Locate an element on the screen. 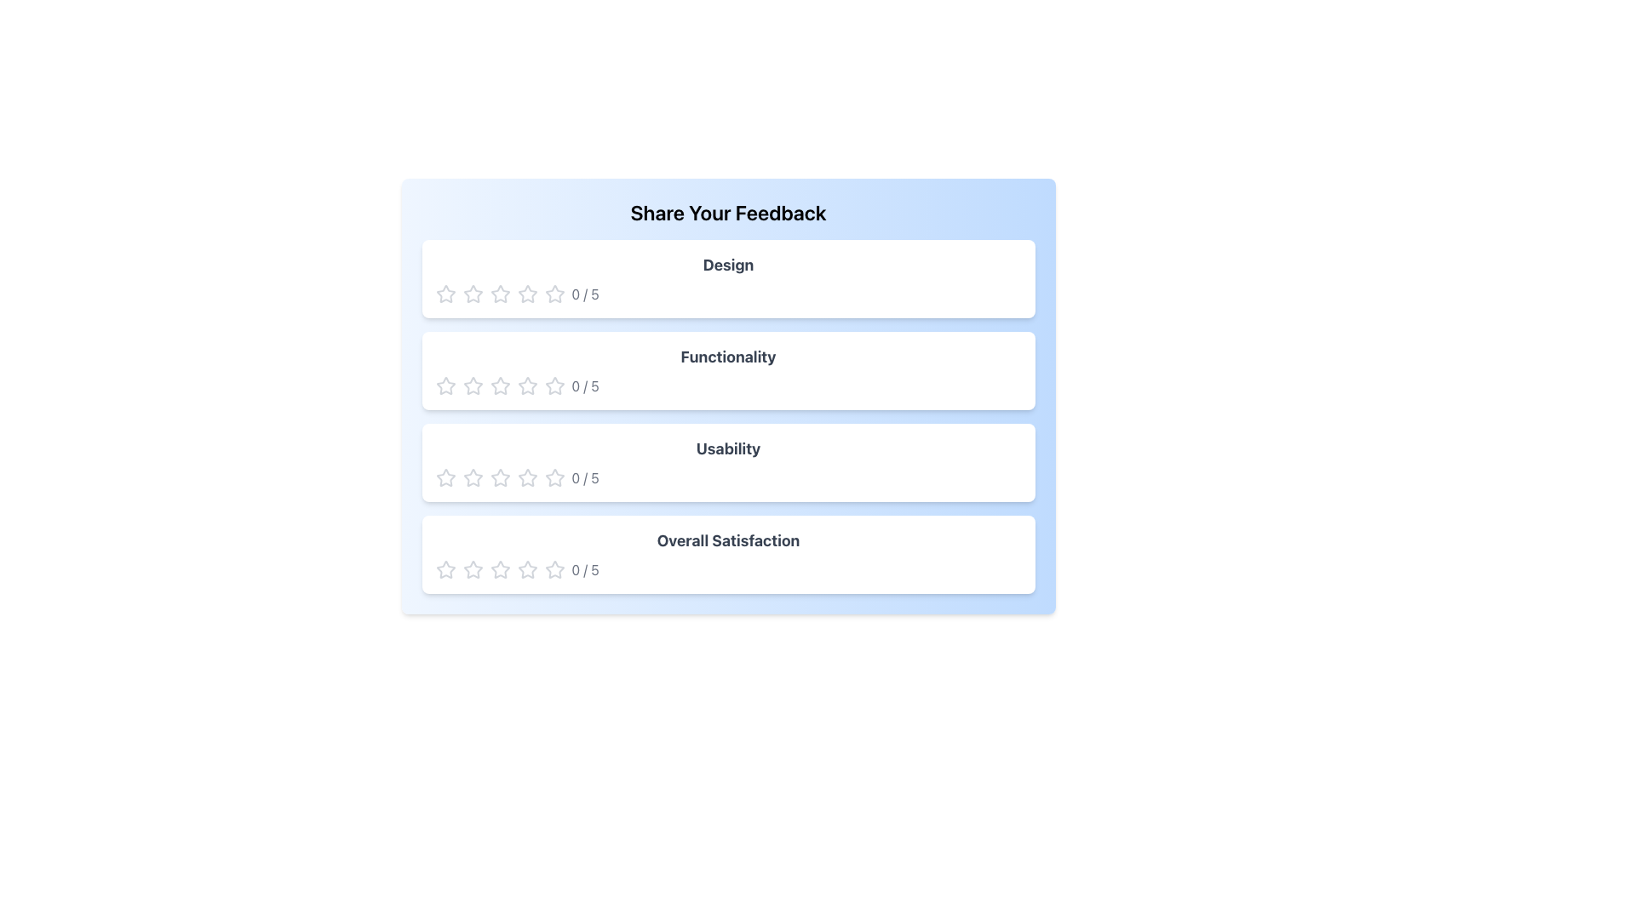 Image resolution: width=1635 pixels, height=919 pixels. the third star in the horizontal row of five stars under the 'Functionality' rating section to rate is located at coordinates (499, 386).